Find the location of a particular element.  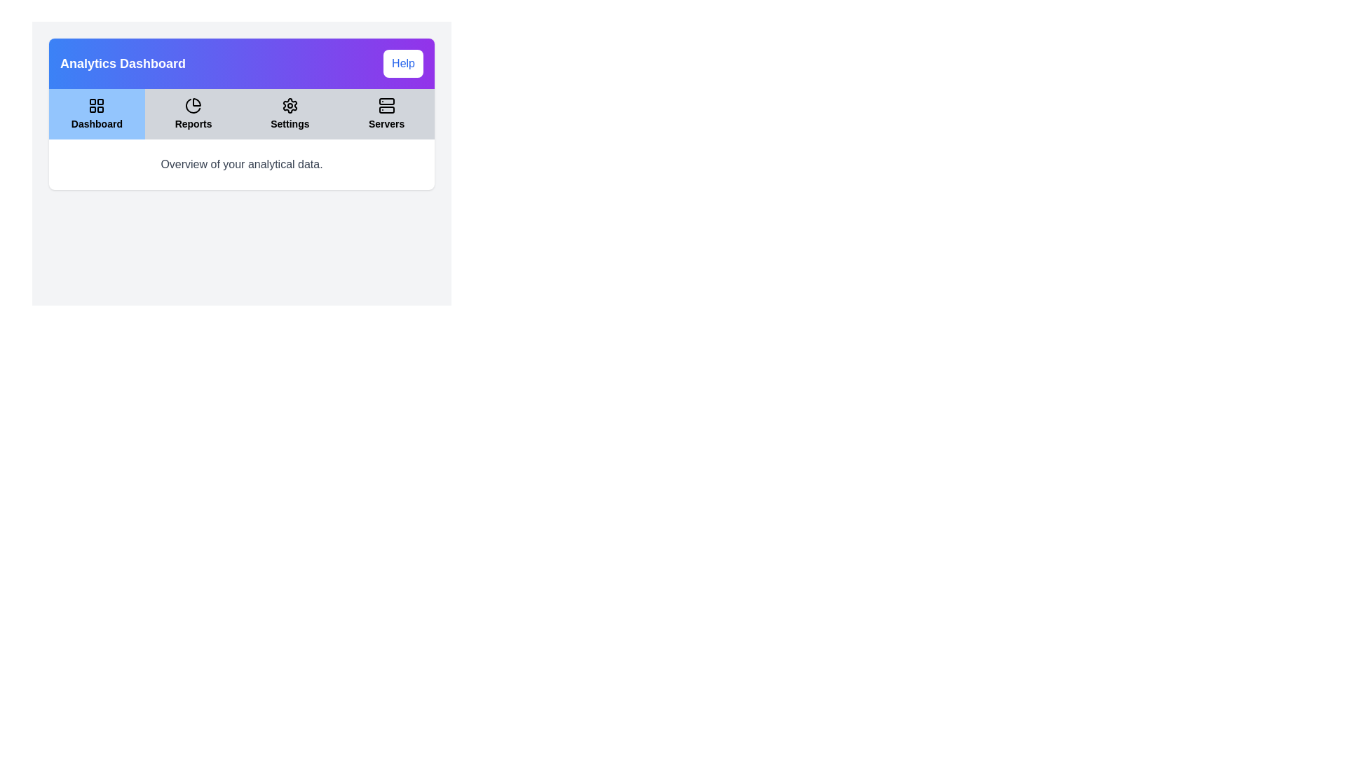

the 'Servers' button, which is the fourth option from the left in the top navigation bar is located at coordinates (386, 113).